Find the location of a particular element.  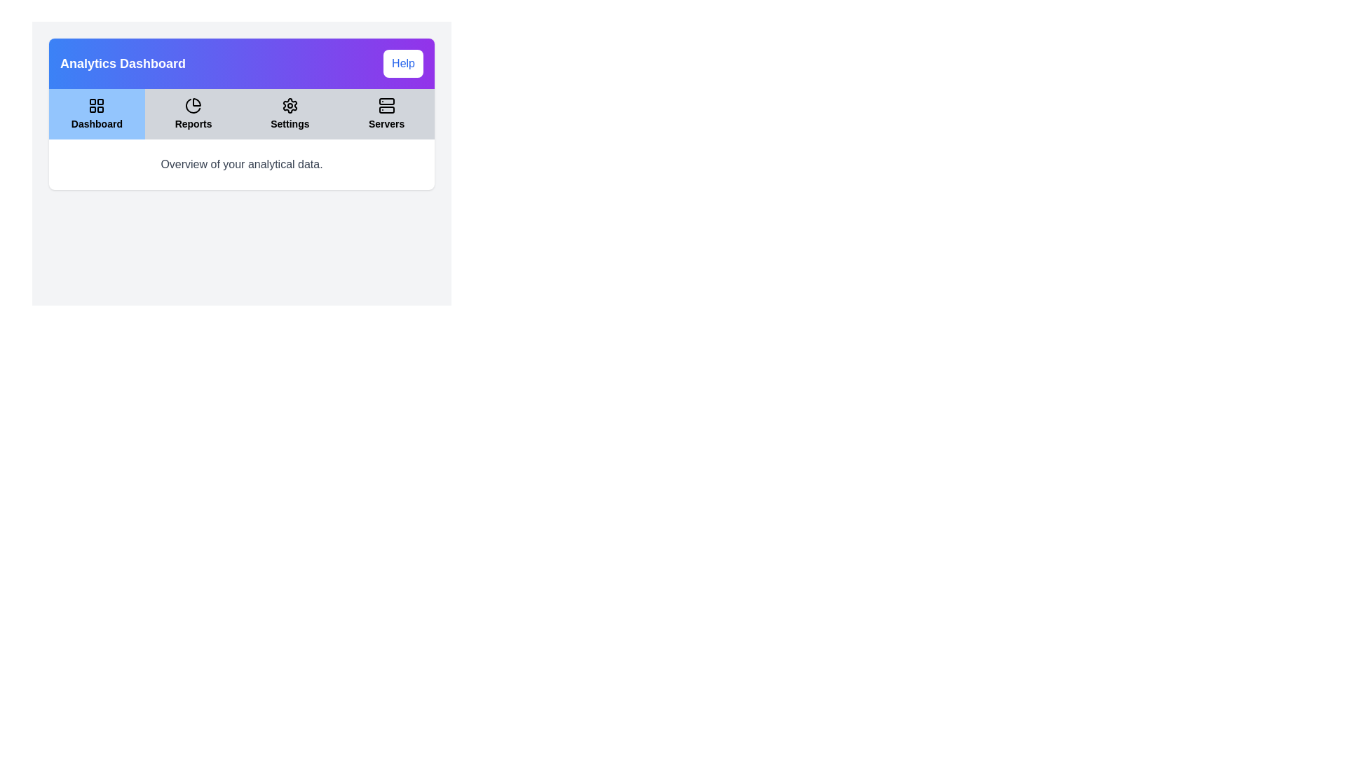

the 'Servers' button, which is the fourth option from the left in the top navigation bar is located at coordinates (386, 113).